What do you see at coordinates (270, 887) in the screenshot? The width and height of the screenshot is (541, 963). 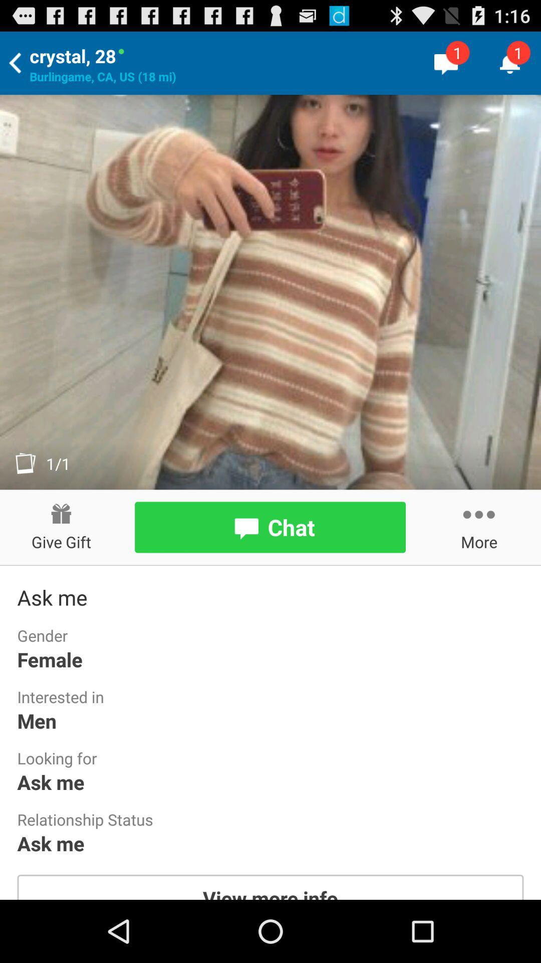 I see `the app below the ask me icon` at bounding box center [270, 887].